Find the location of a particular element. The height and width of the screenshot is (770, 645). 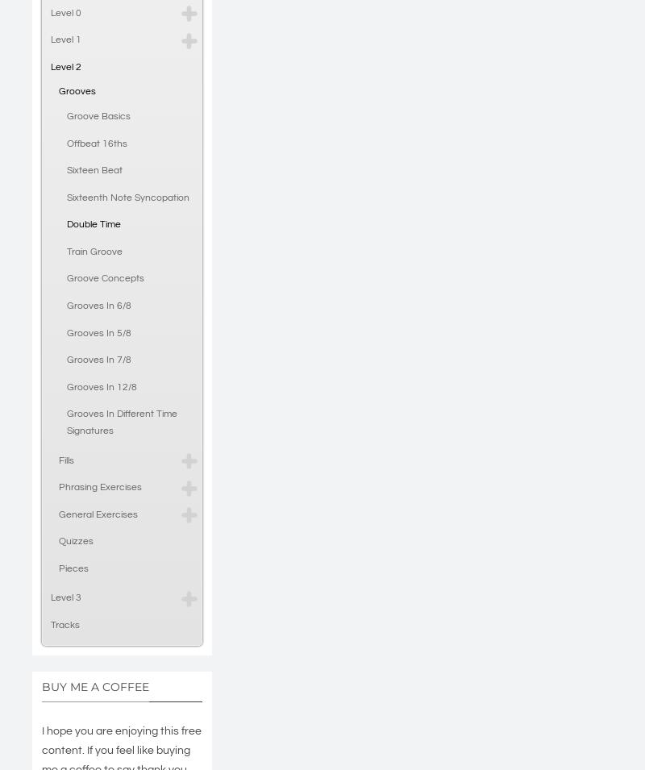

'General Exercises' is located at coordinates (58, 513).